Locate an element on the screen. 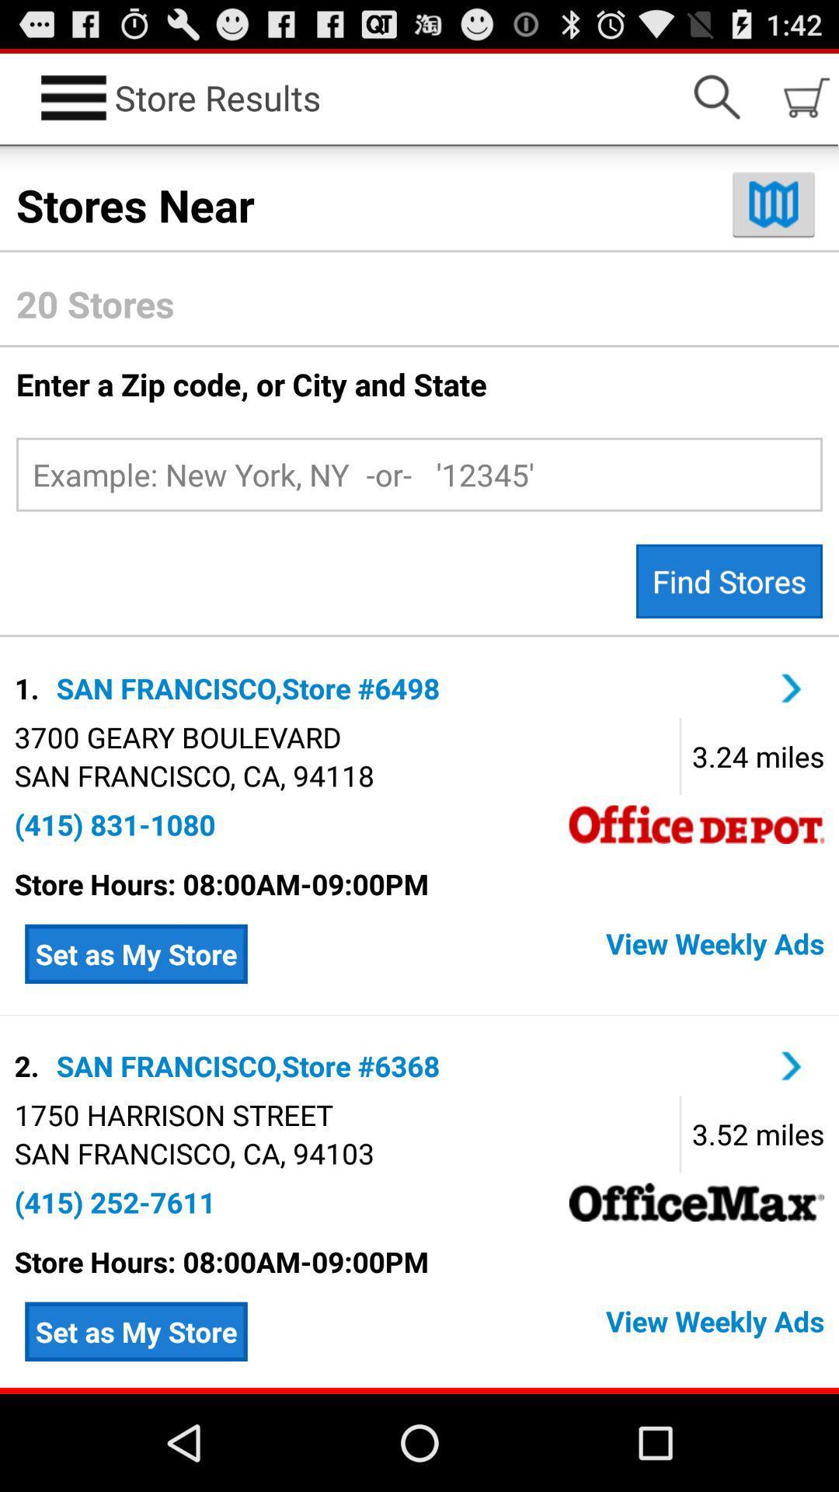 Image resolution: width=839 pixels, height=1492 pixels. the app to the right of the store results item is located at coordinates (716, 96).